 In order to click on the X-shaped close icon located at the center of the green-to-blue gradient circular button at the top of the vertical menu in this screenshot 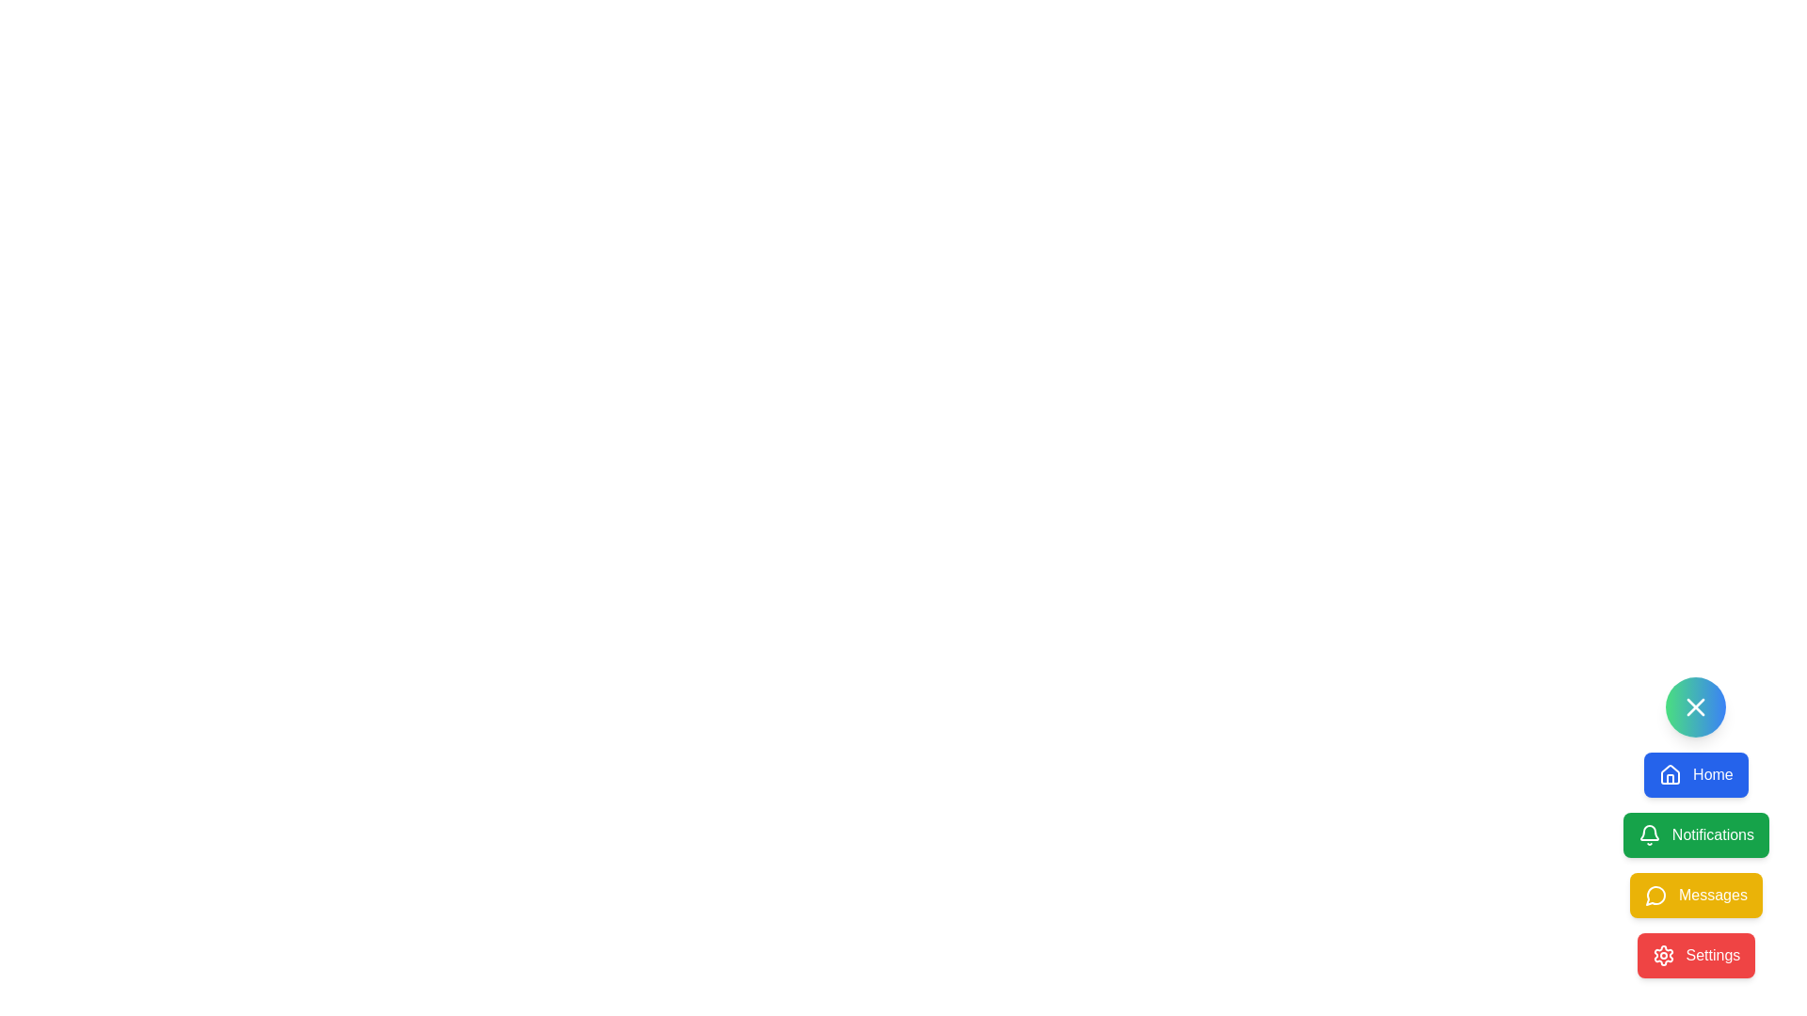, I will do `click(1696, 707)`.